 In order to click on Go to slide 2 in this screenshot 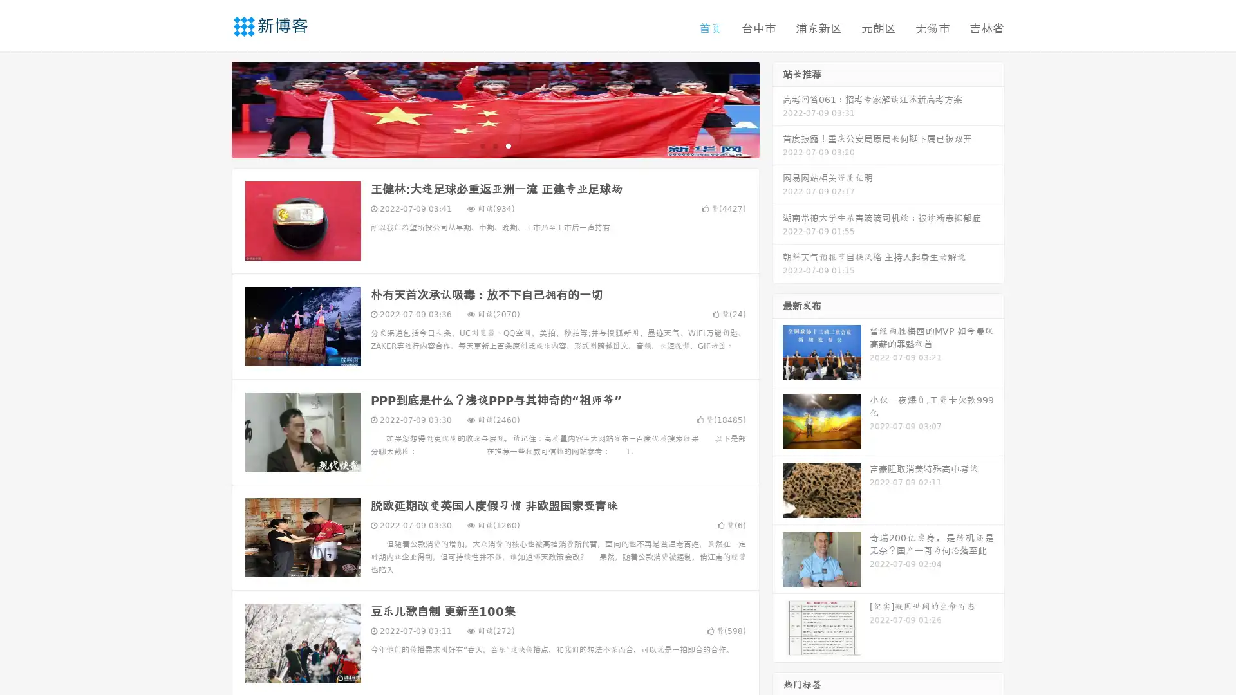, I will do `click(494, 145)`.